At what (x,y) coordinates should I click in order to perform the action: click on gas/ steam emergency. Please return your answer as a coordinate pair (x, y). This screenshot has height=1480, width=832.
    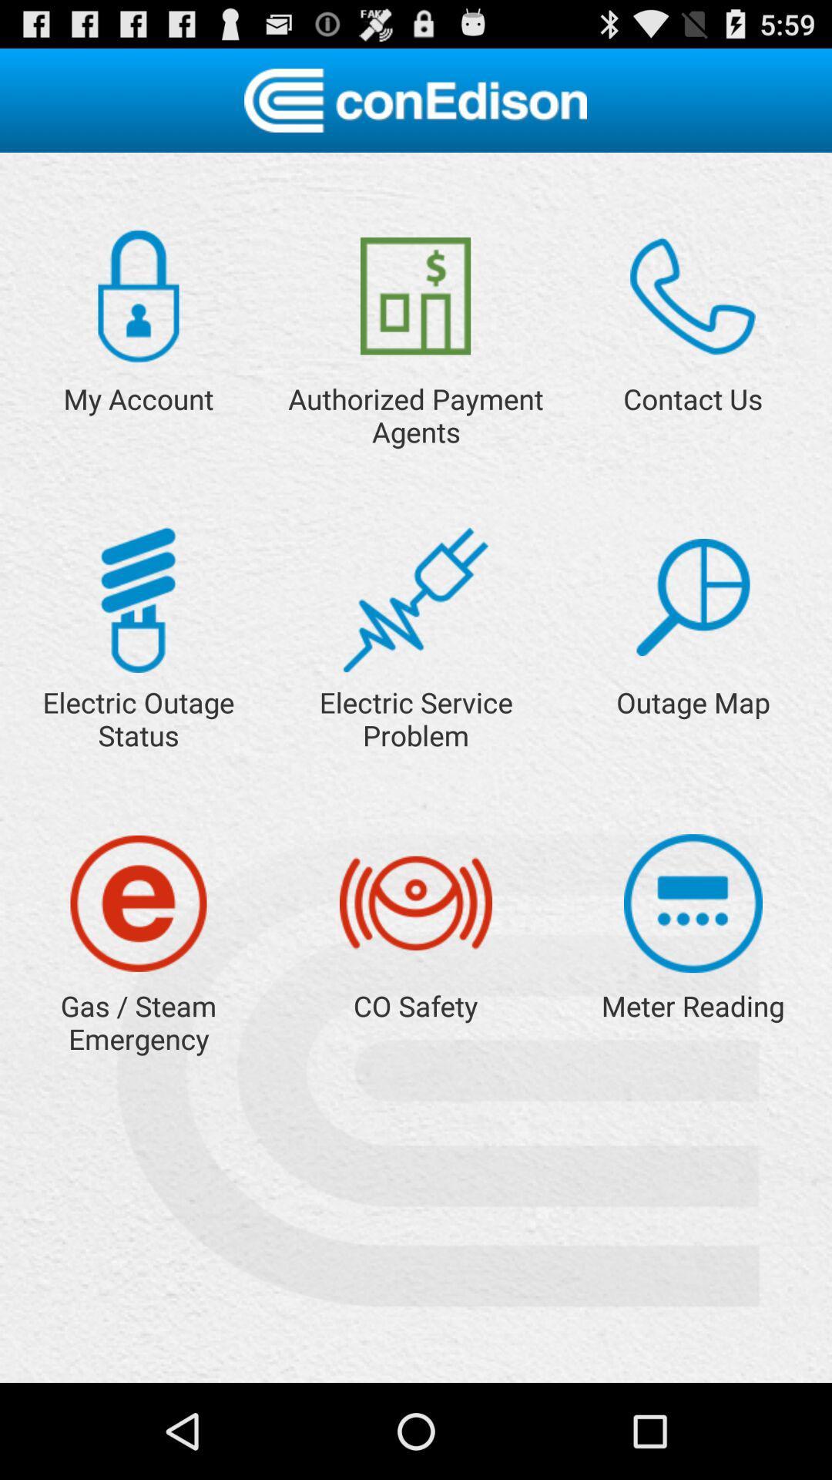
    Looking at the image, I should click on (139, 903).